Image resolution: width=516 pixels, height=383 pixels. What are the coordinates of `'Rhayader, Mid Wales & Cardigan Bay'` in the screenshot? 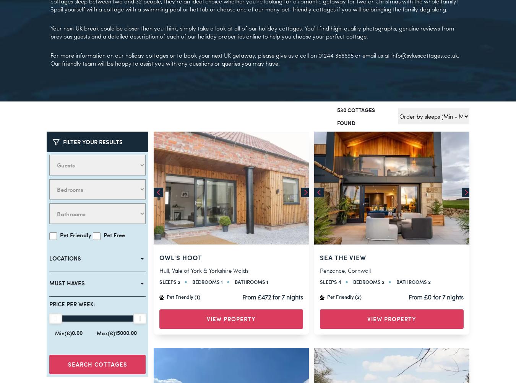 It's located at (368, 254).